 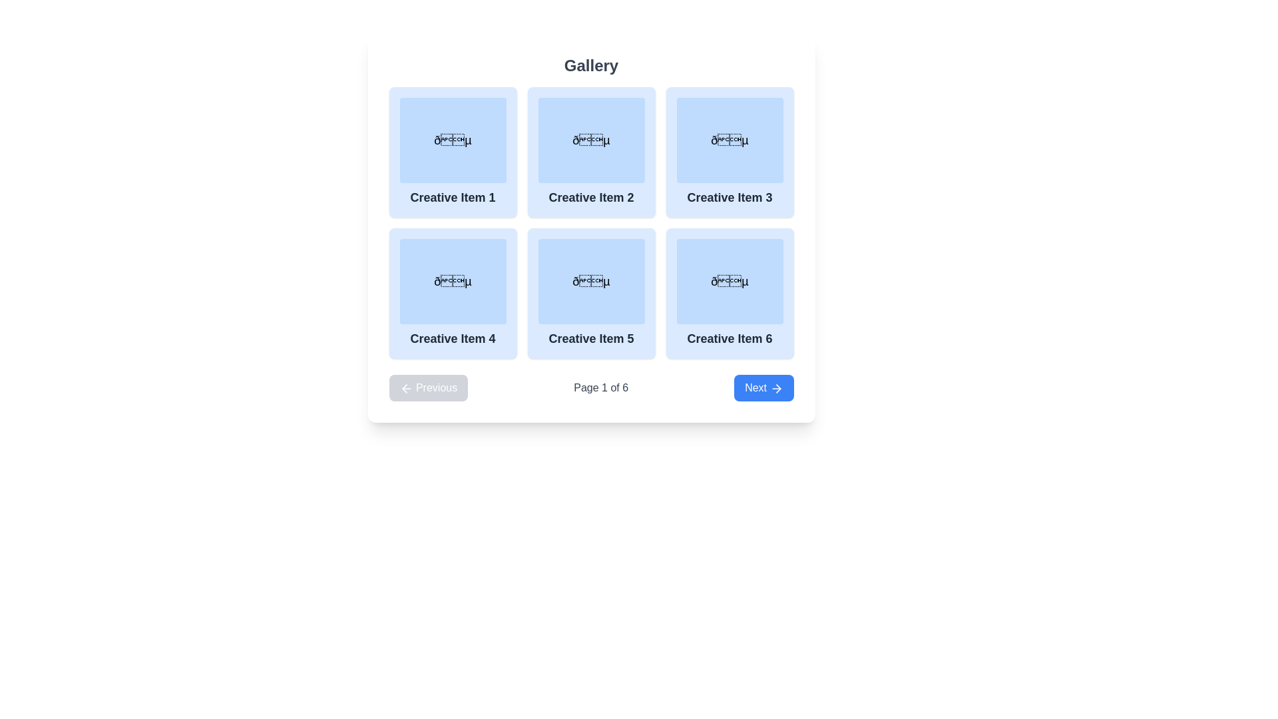 What do you see at coordinates (600, 387) in the screenshot?
I see `text displayed in the pagination area, which indicates the current page and total number of pages, located between the 'Previous' and 'Next' buttons` at bounding box center [600, 387].